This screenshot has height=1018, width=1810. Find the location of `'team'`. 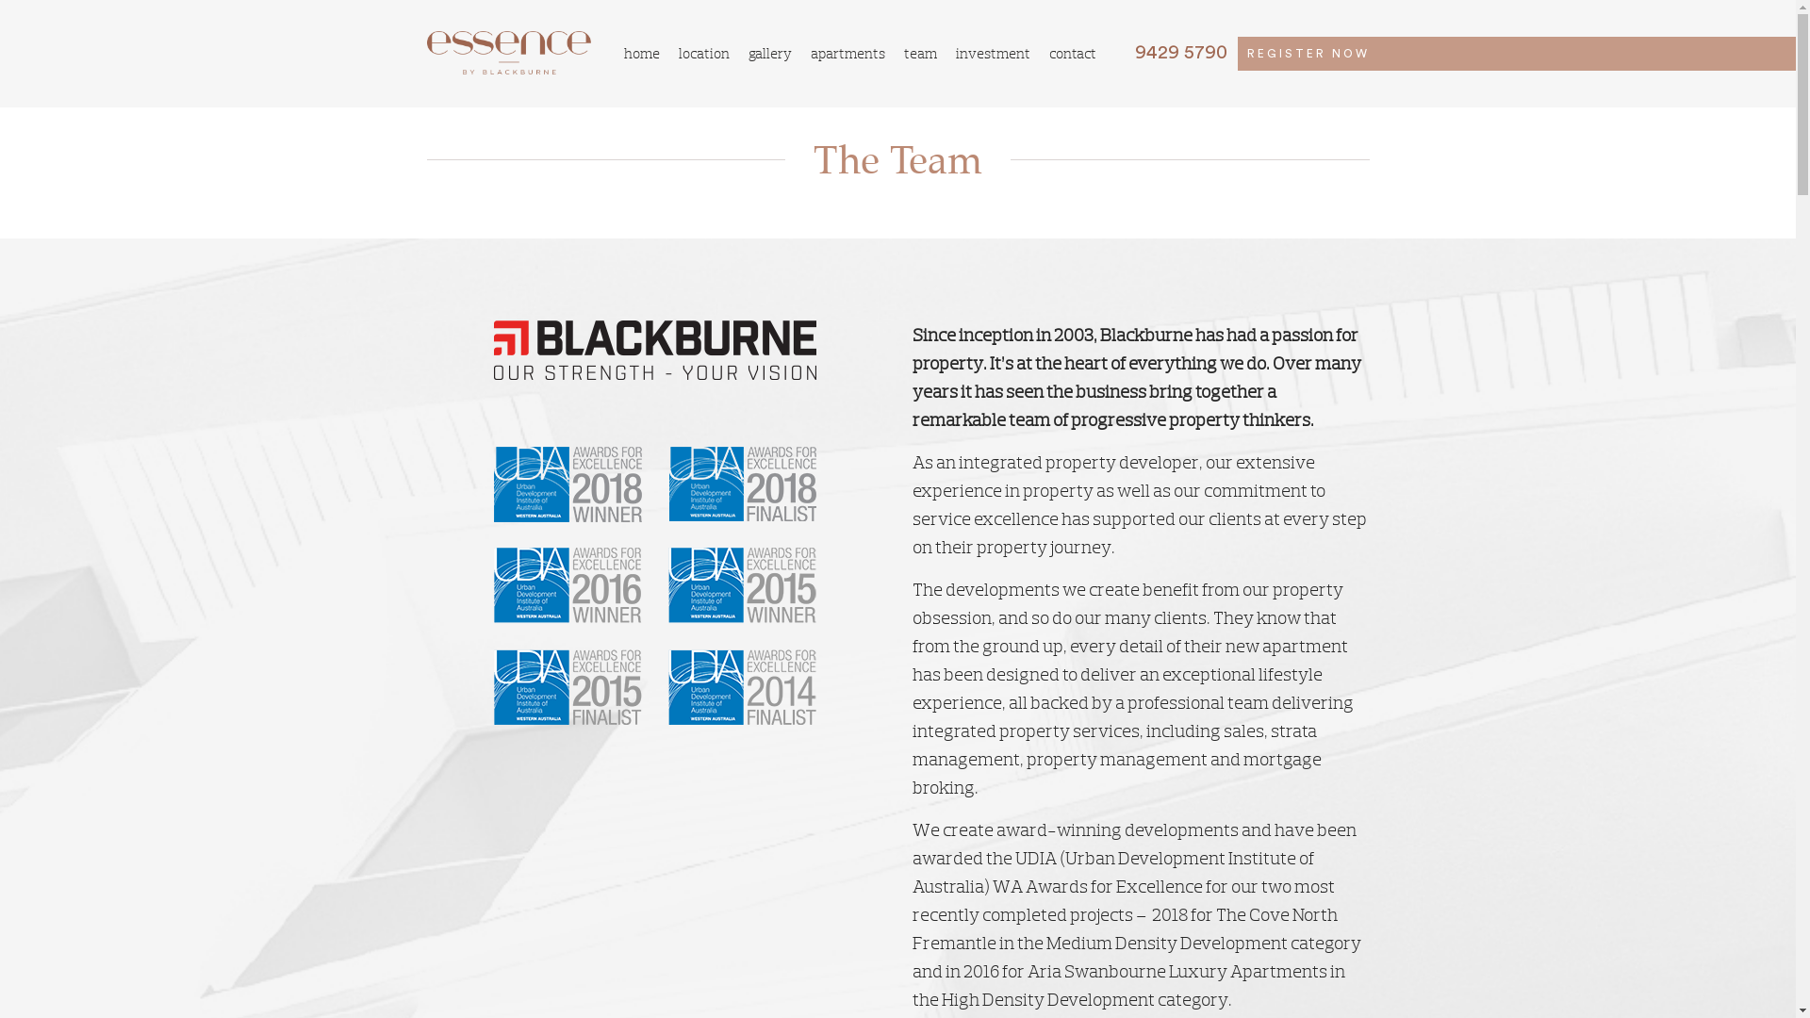

'team' is located at coordinates (920, 52).